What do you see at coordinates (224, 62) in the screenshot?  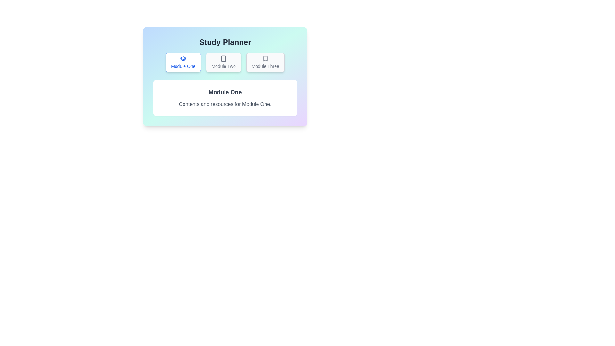 I see `the tab corresponding to Module Two` at bounding box center [224, 62].